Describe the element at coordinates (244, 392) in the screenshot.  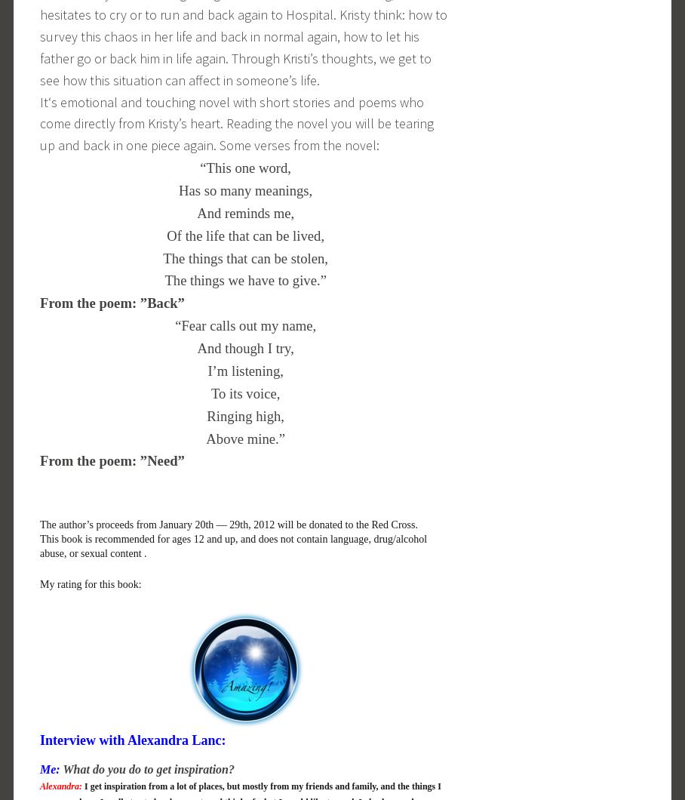
I see `'To its voice,'` at that location.